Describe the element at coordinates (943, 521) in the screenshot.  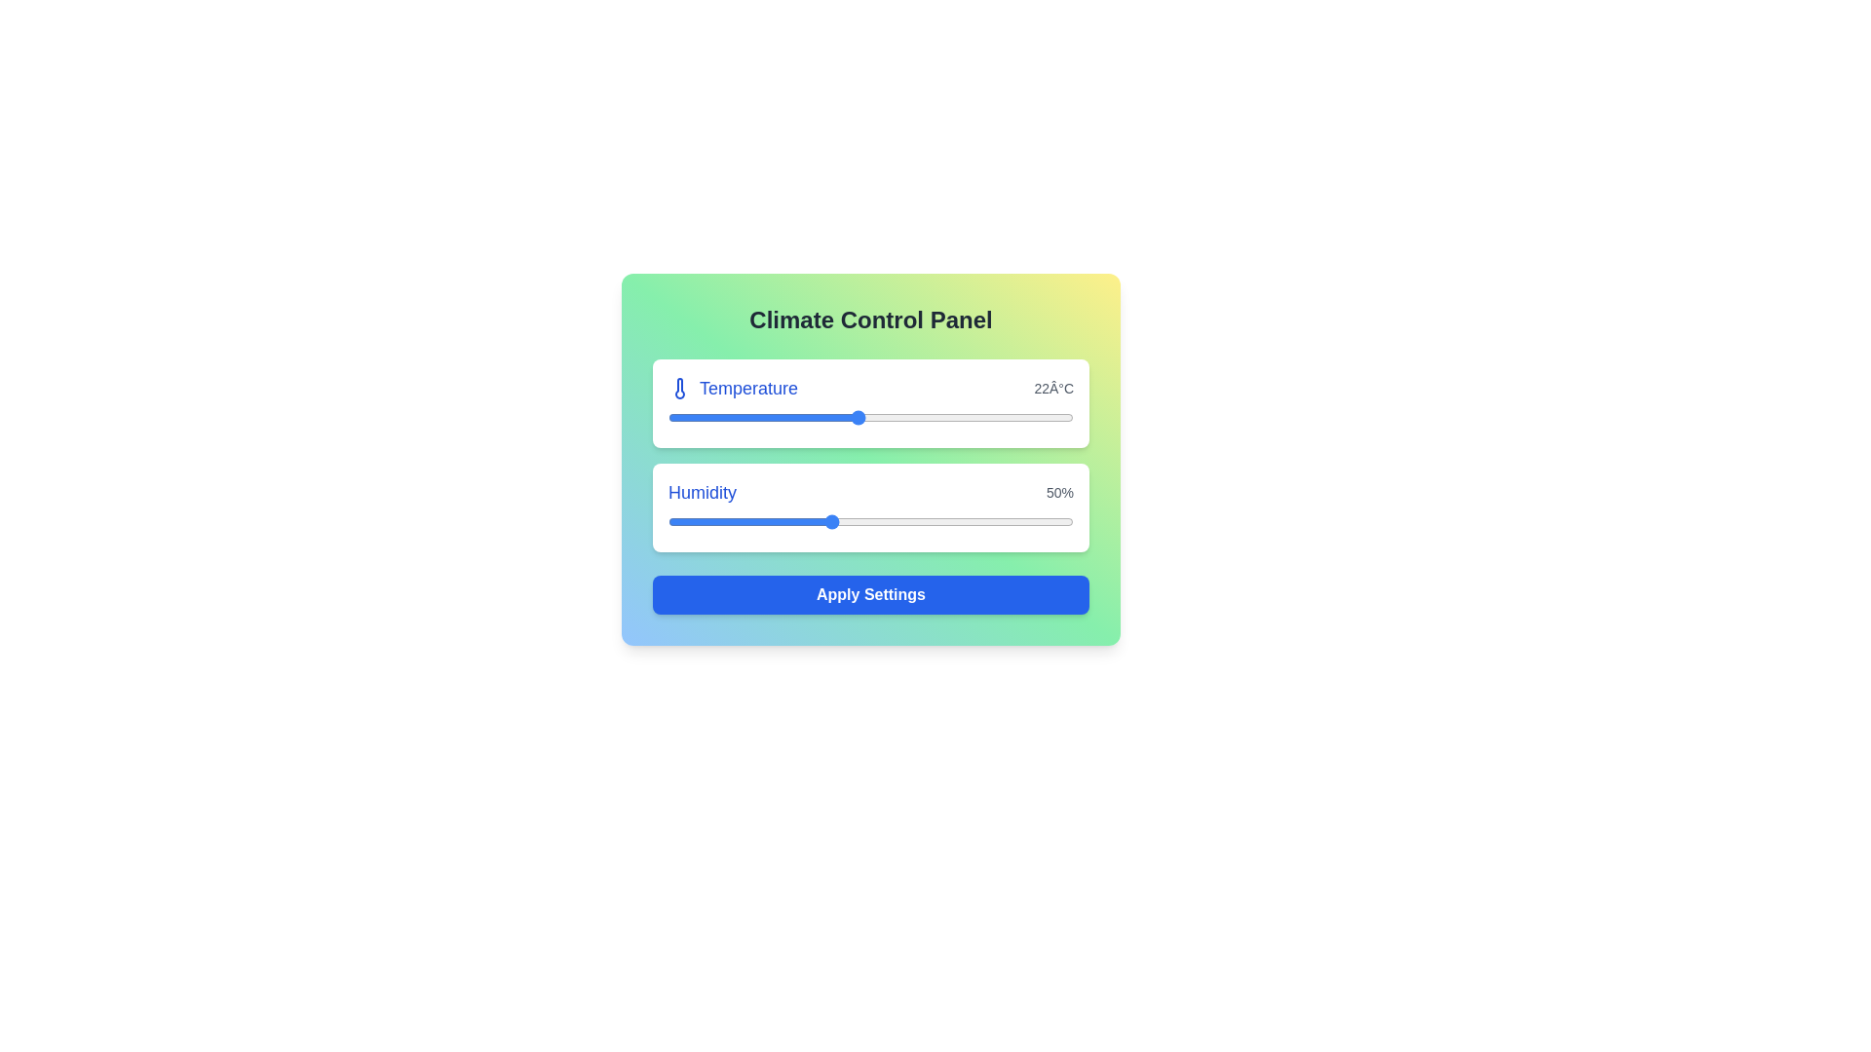
I see `the humidity level` at that location.